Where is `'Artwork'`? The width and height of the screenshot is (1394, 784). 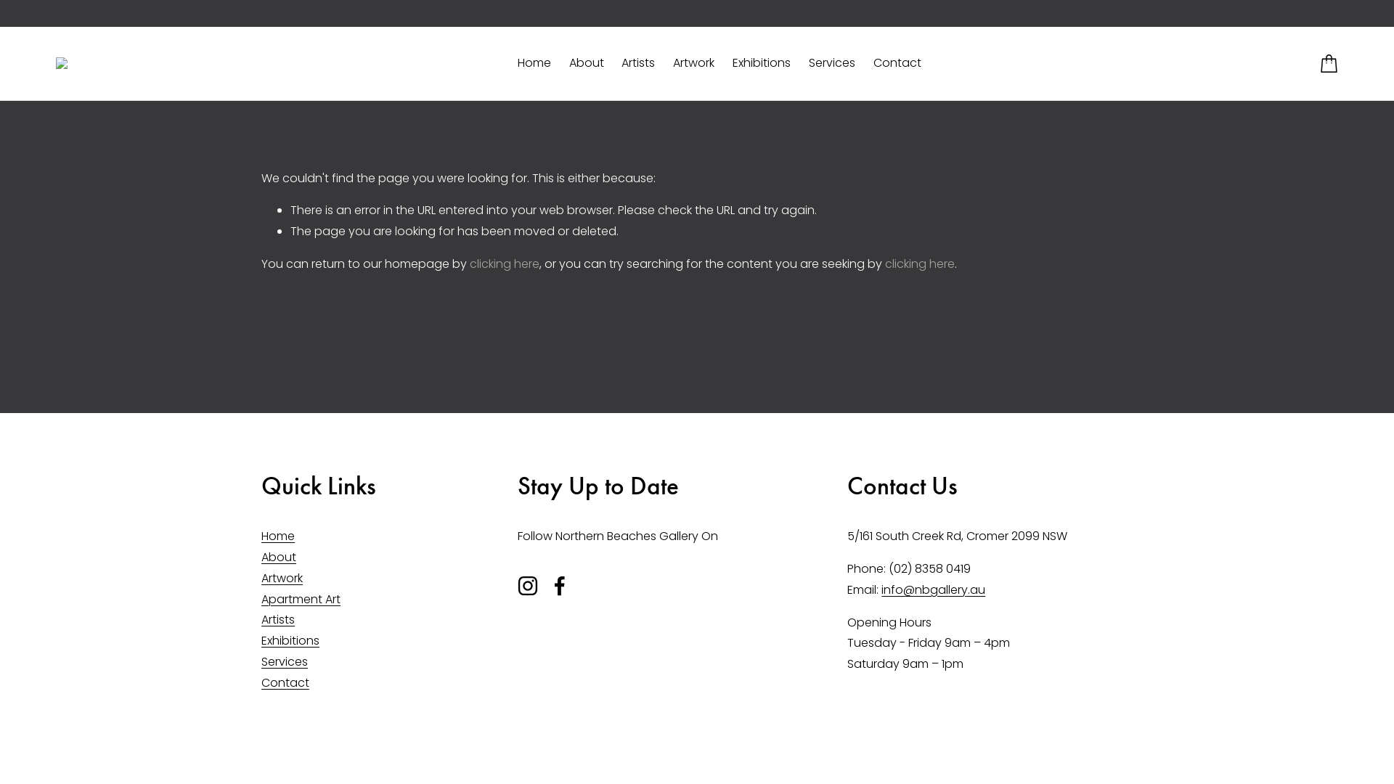
'Artwork' is located at coordinates (282, 578).